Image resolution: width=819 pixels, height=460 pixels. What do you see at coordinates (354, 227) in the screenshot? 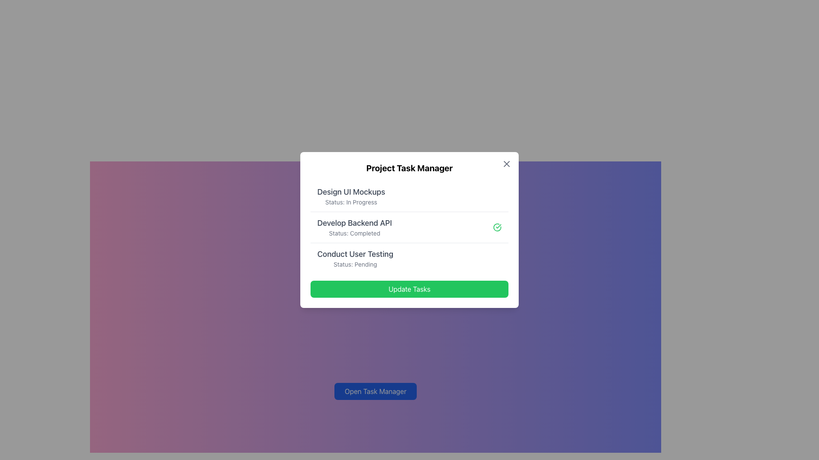
I see `the static text element displaying the task entry, which is the second item in the task management interface` at bounding box center [354, 227].